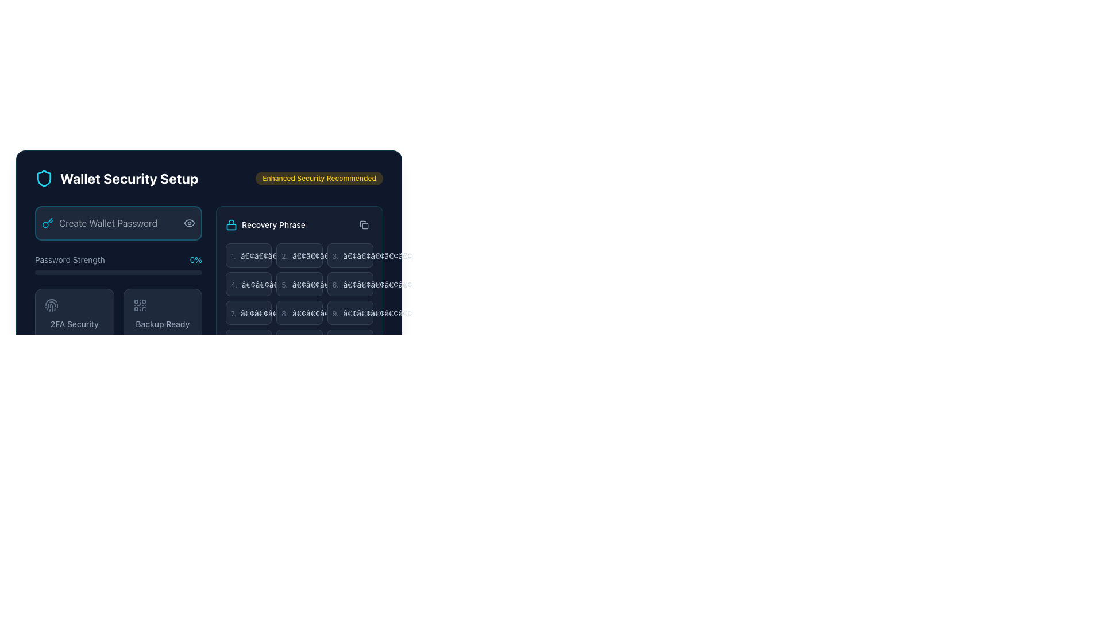 The width and height of the screenshot is (1103, 620). Describe the element at coordinates (265, 225) in the screenshot. I see `the non-interactive text label with an accompanying icon located in the top-right region of a rectangular card-like section, which identifies a specific section or feature related to security actions` at that location.